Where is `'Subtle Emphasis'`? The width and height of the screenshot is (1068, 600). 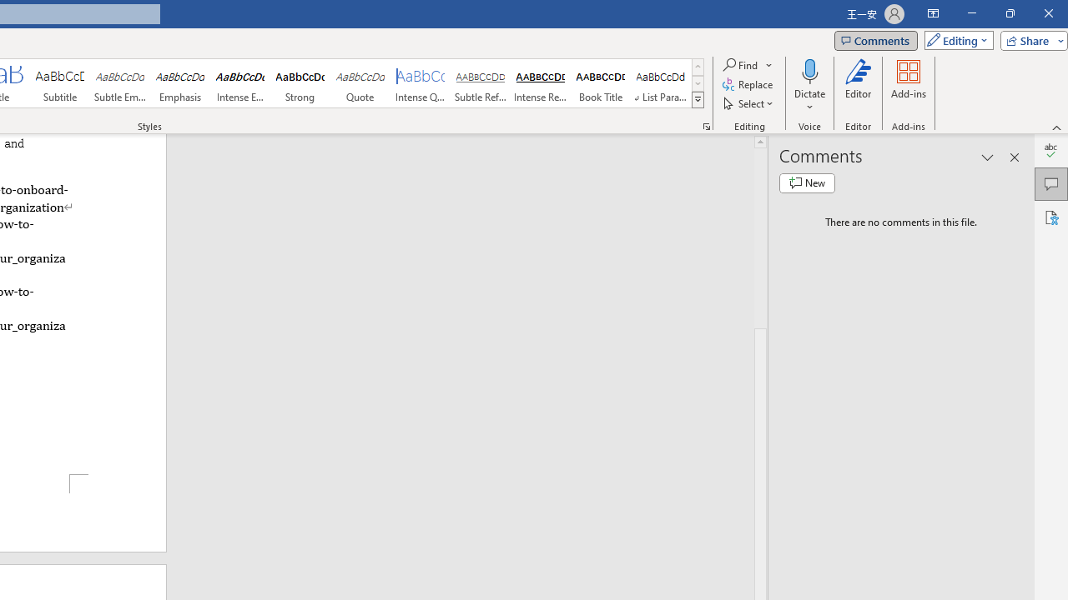
'Subtle Emphasis' is located at coordinates (119, 83).